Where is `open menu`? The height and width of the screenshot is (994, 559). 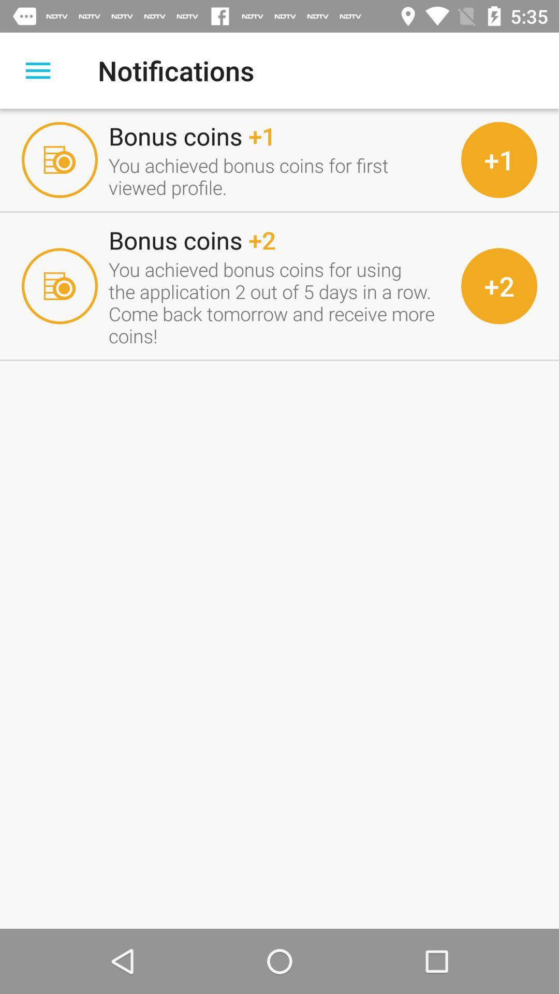 open menu is located at coordinates (37, 70).